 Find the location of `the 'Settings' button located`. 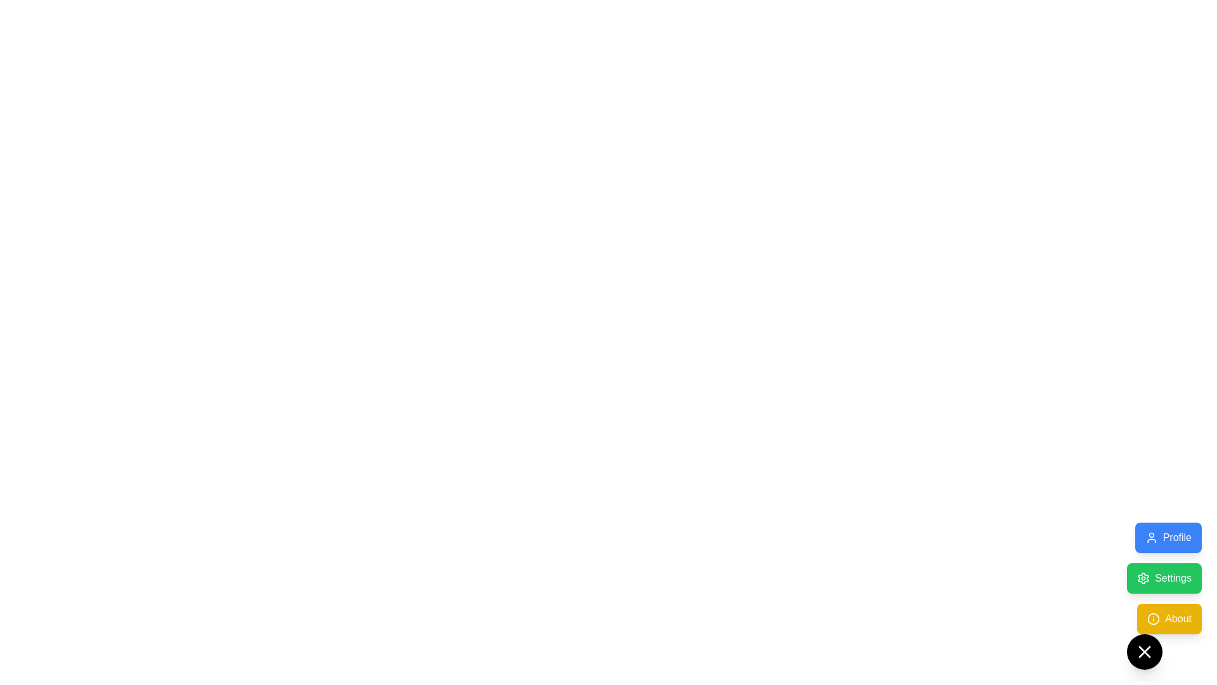

the 'Settings' button located is located at coordinates (1164, 578).